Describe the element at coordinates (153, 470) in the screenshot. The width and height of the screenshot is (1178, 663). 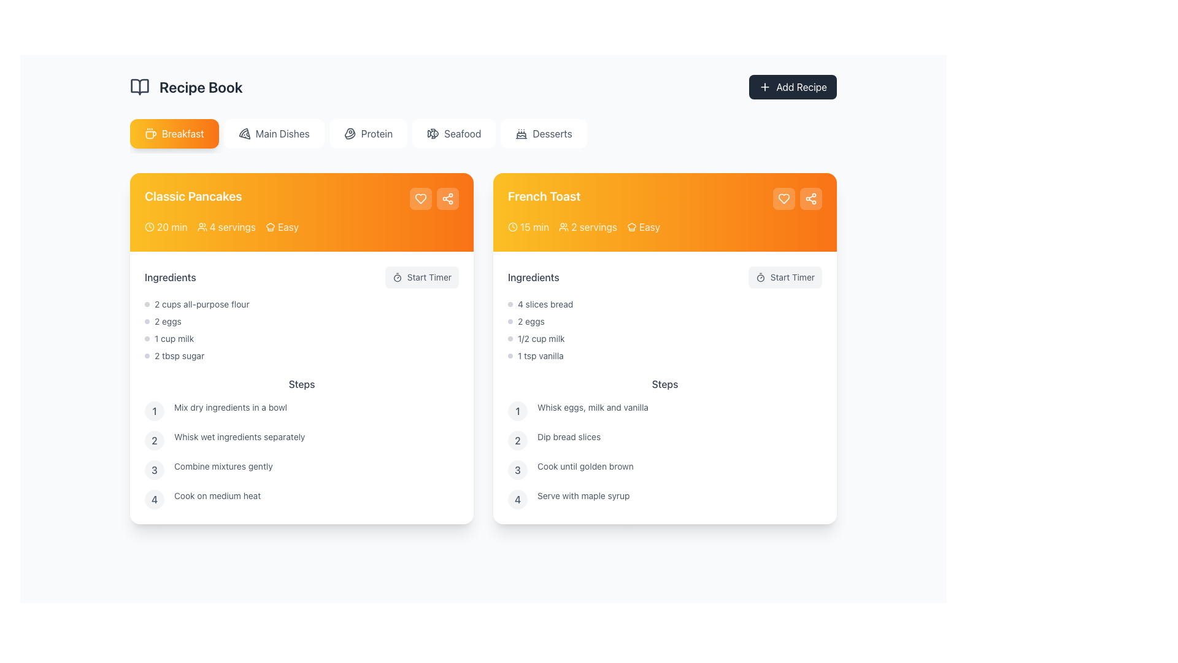
I see `the numeral '3' step marker in the 'Steps' section of the 'Classic Pancakes' recipe card` at that location.